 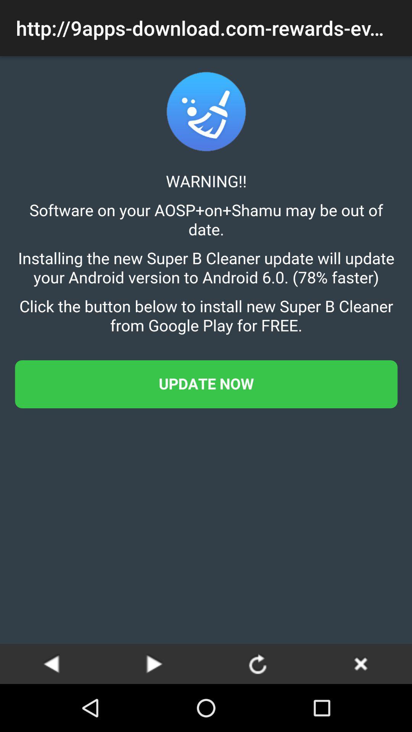 What do you see at coordinates (257, 663) in the screenshot?
I see `click arrow button` at bounding box center [257, 663].